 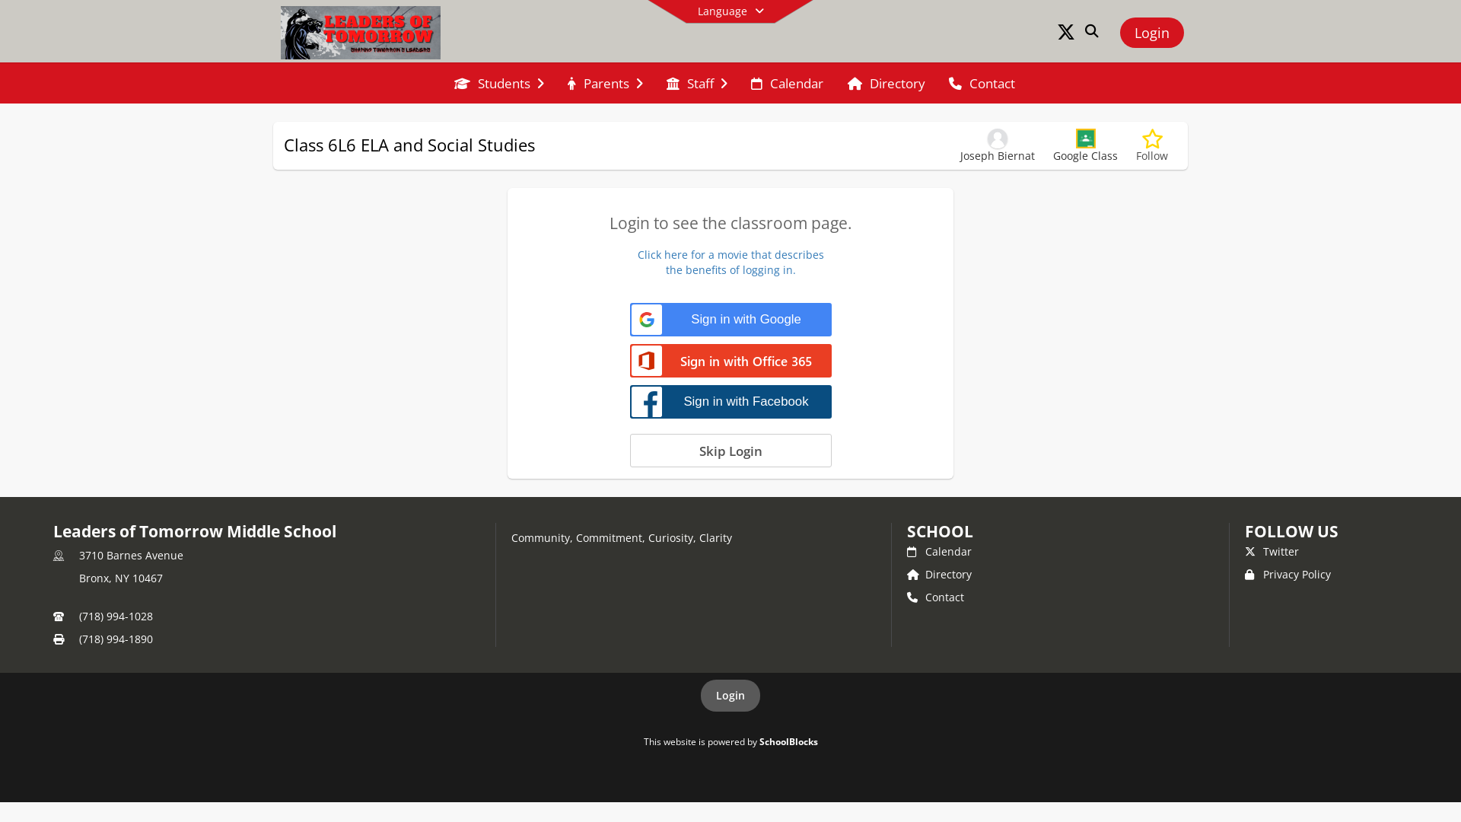 I want to click on 'Fax', so click(x=58, y=639).